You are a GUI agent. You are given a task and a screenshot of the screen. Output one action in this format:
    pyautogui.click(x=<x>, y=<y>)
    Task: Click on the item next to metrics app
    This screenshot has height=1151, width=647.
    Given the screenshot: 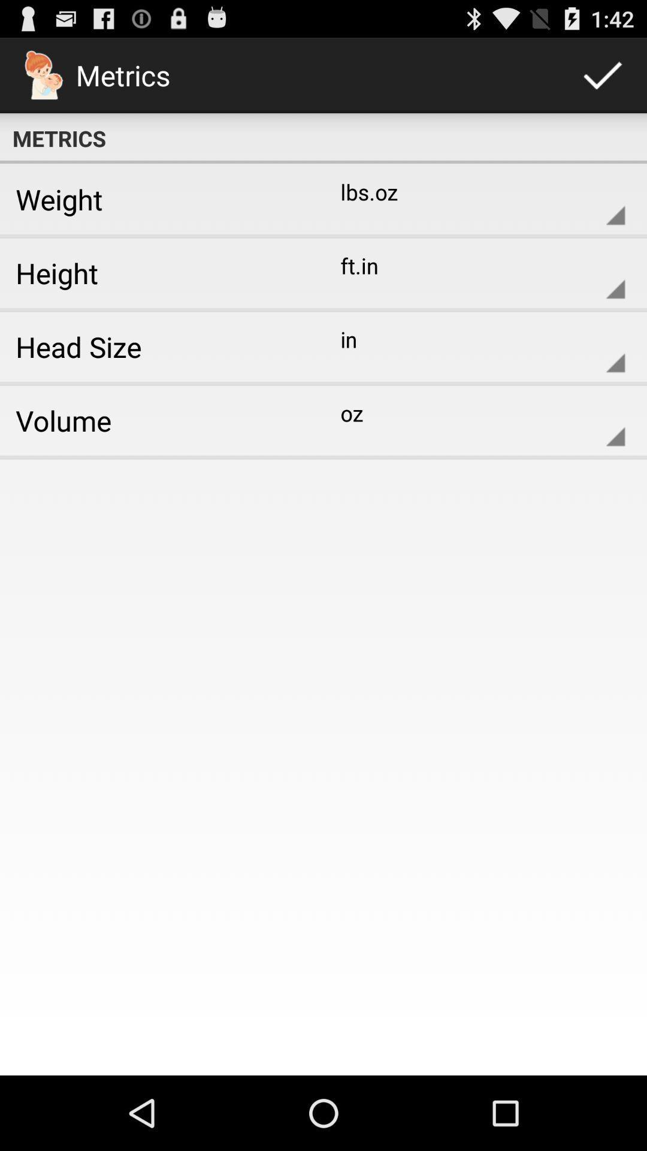 What is the action you would take?
    pyautogui.click(x=603, y=74)
    